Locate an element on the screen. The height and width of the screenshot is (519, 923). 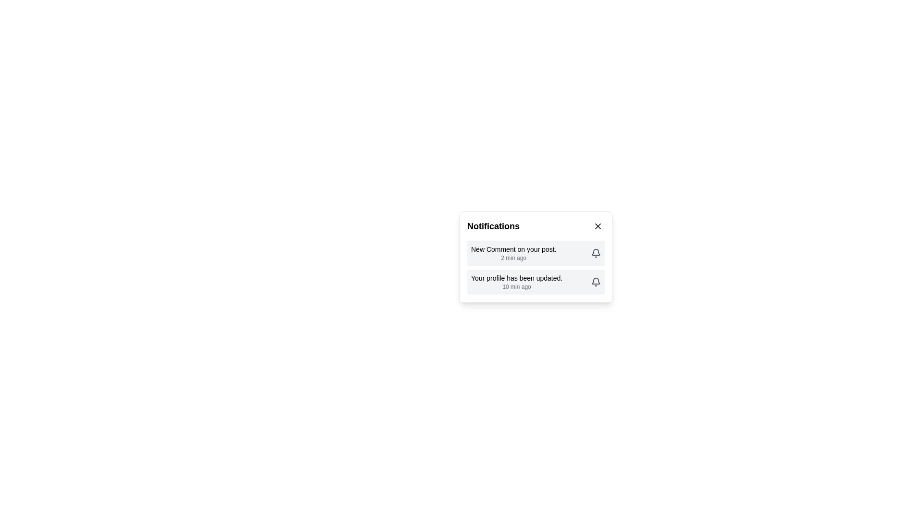
the Close Icon is located at coordinates (597, 226).